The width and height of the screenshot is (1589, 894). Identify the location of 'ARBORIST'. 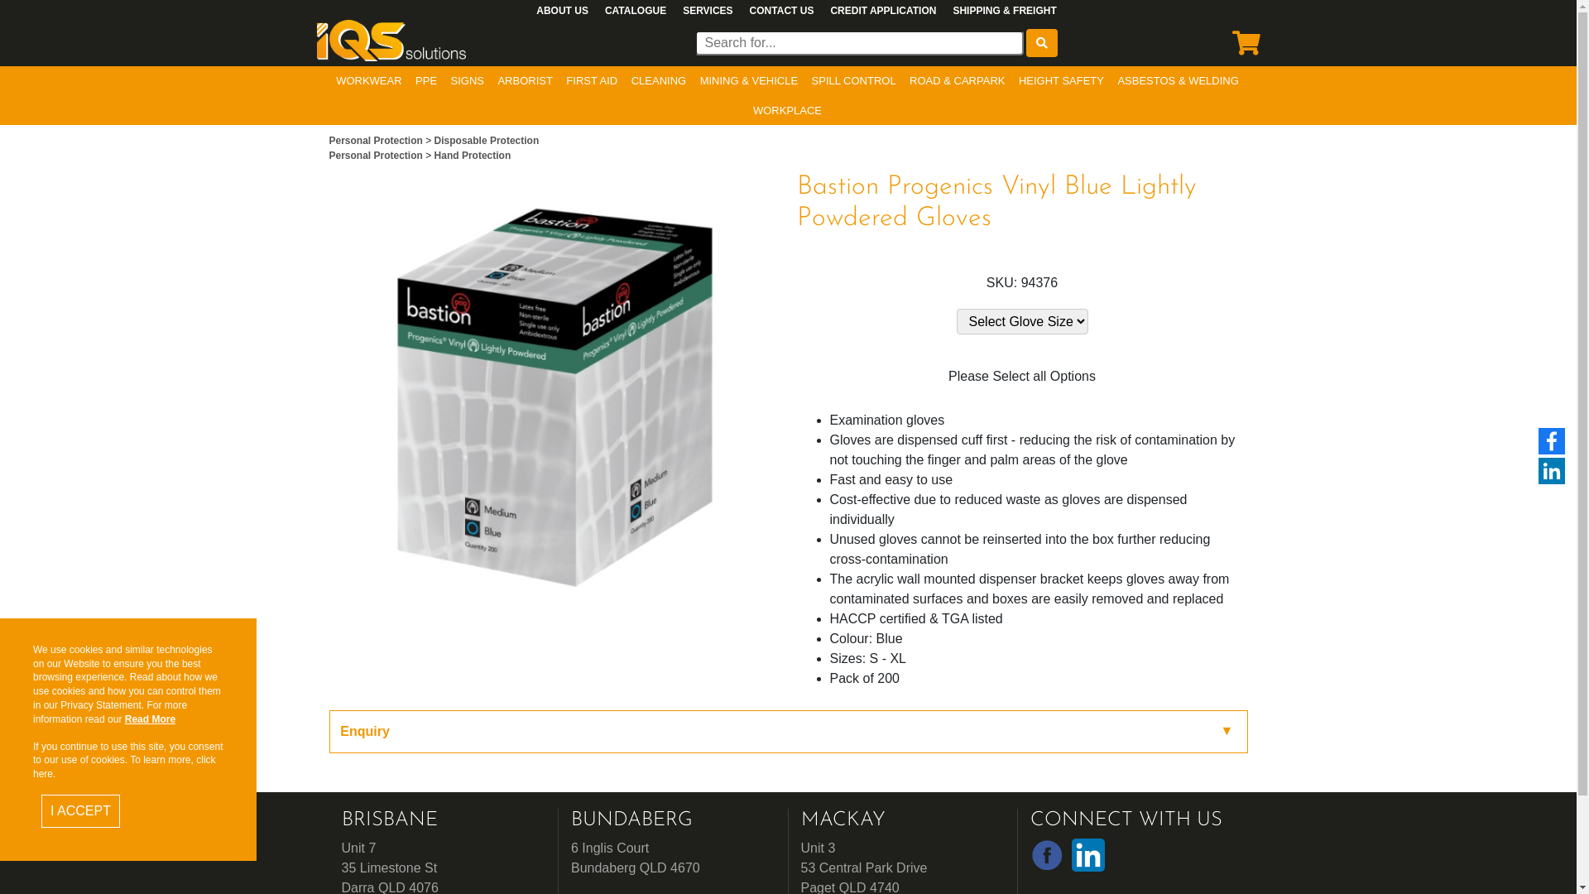
(523, 80).